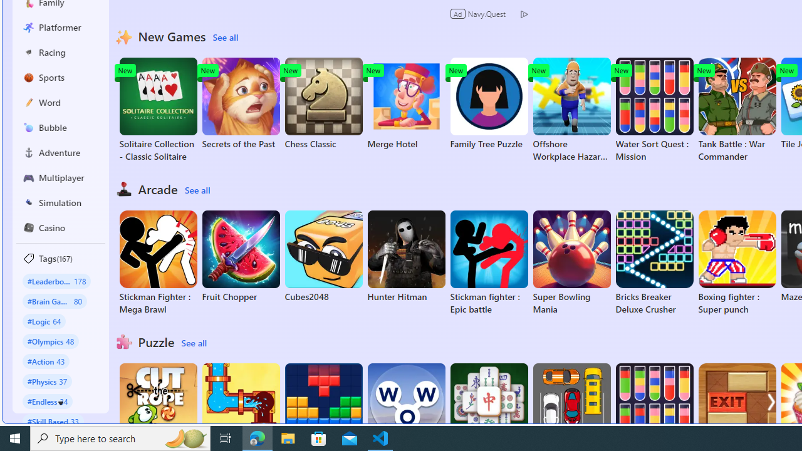 Image resolution: width=802 pixels, height=451 pixels. Describe the element at coordinates (157, 262) in the screenshot. I see `'Stickman Fighter : Mega Brawl'` at that location.